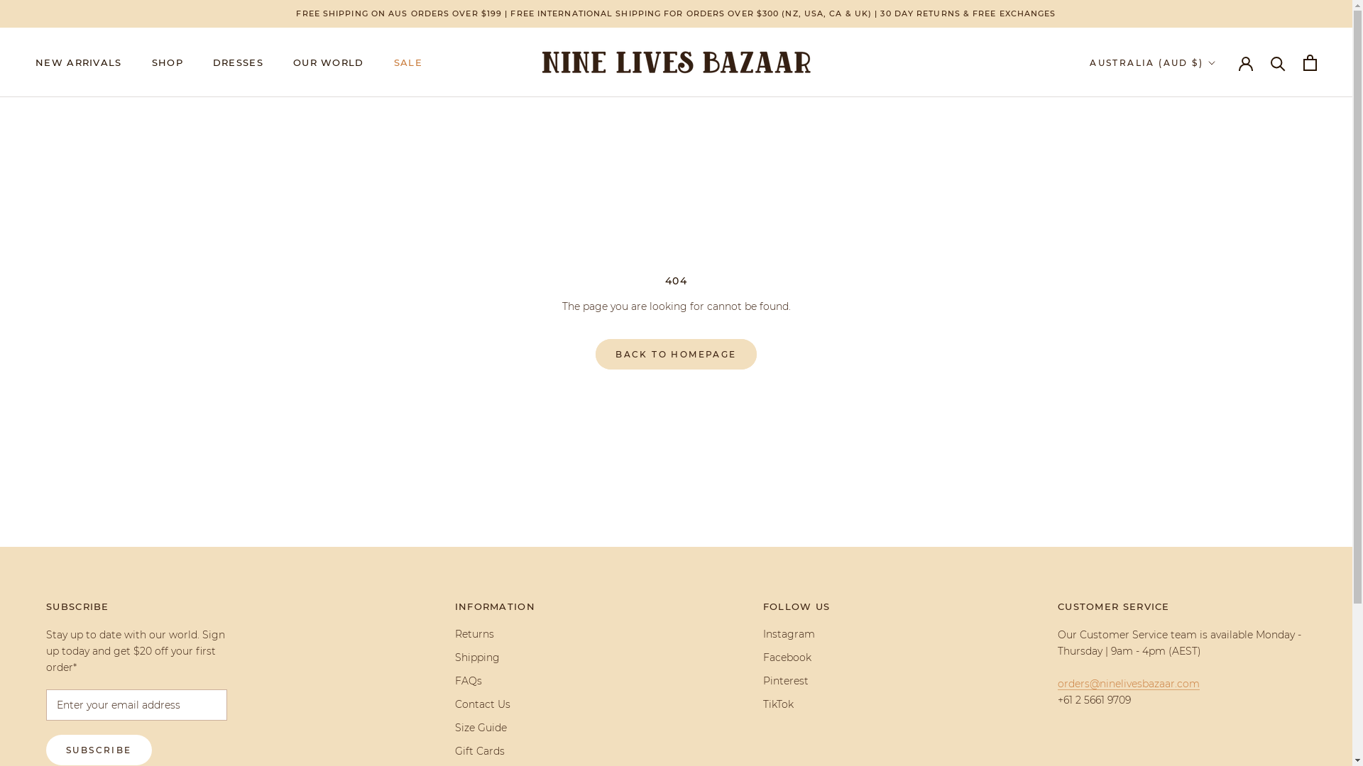  Describe the element at coordinates (455, 728) in the screenshot. I see `'Size Guide'` at that location.